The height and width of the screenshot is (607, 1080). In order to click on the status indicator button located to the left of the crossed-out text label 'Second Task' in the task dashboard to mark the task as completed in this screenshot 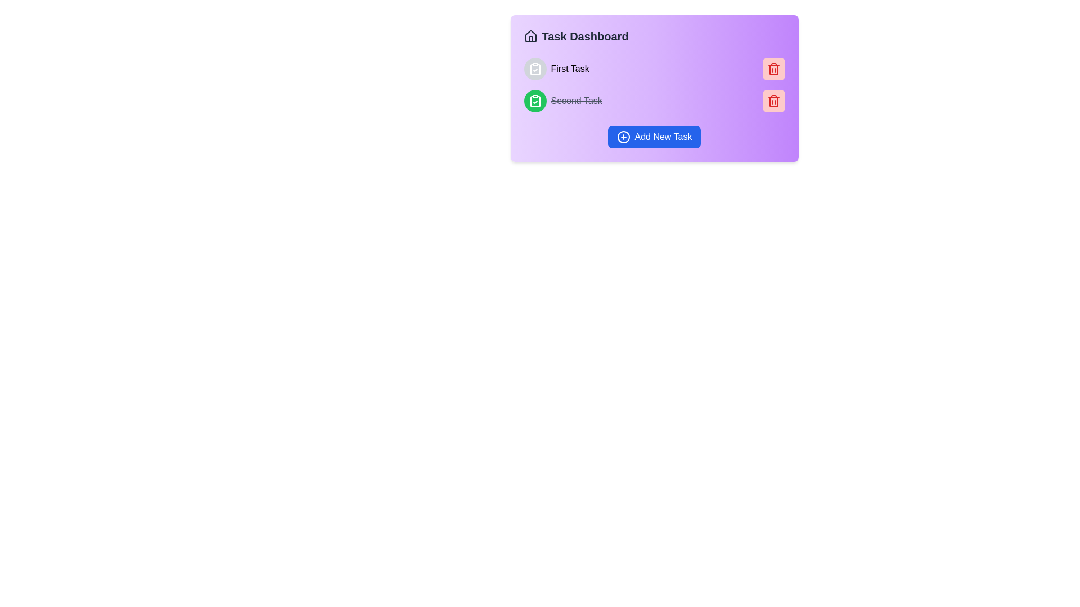, I will do `click(534, 101)`.